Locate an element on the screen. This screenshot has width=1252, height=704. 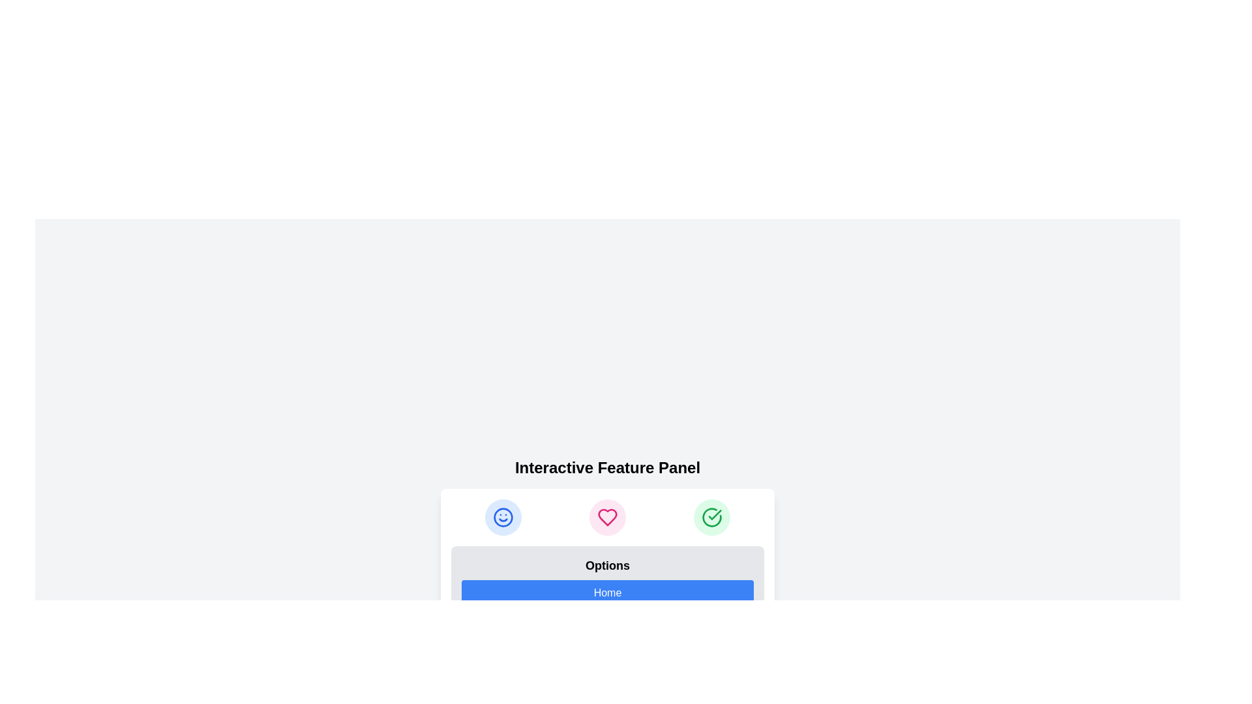
the 'Options' text label, which serves as a heading indicating related content or actions below it is located at coordinates (606, 565).